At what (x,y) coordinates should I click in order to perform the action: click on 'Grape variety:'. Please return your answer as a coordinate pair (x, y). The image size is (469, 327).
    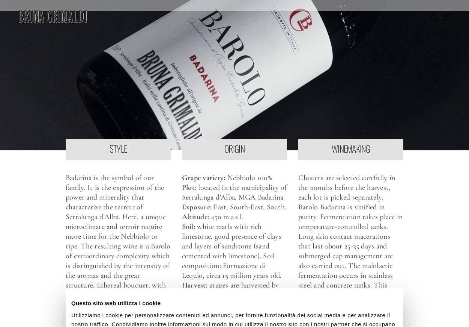
    Looking at the image, I should click on (203, 177).